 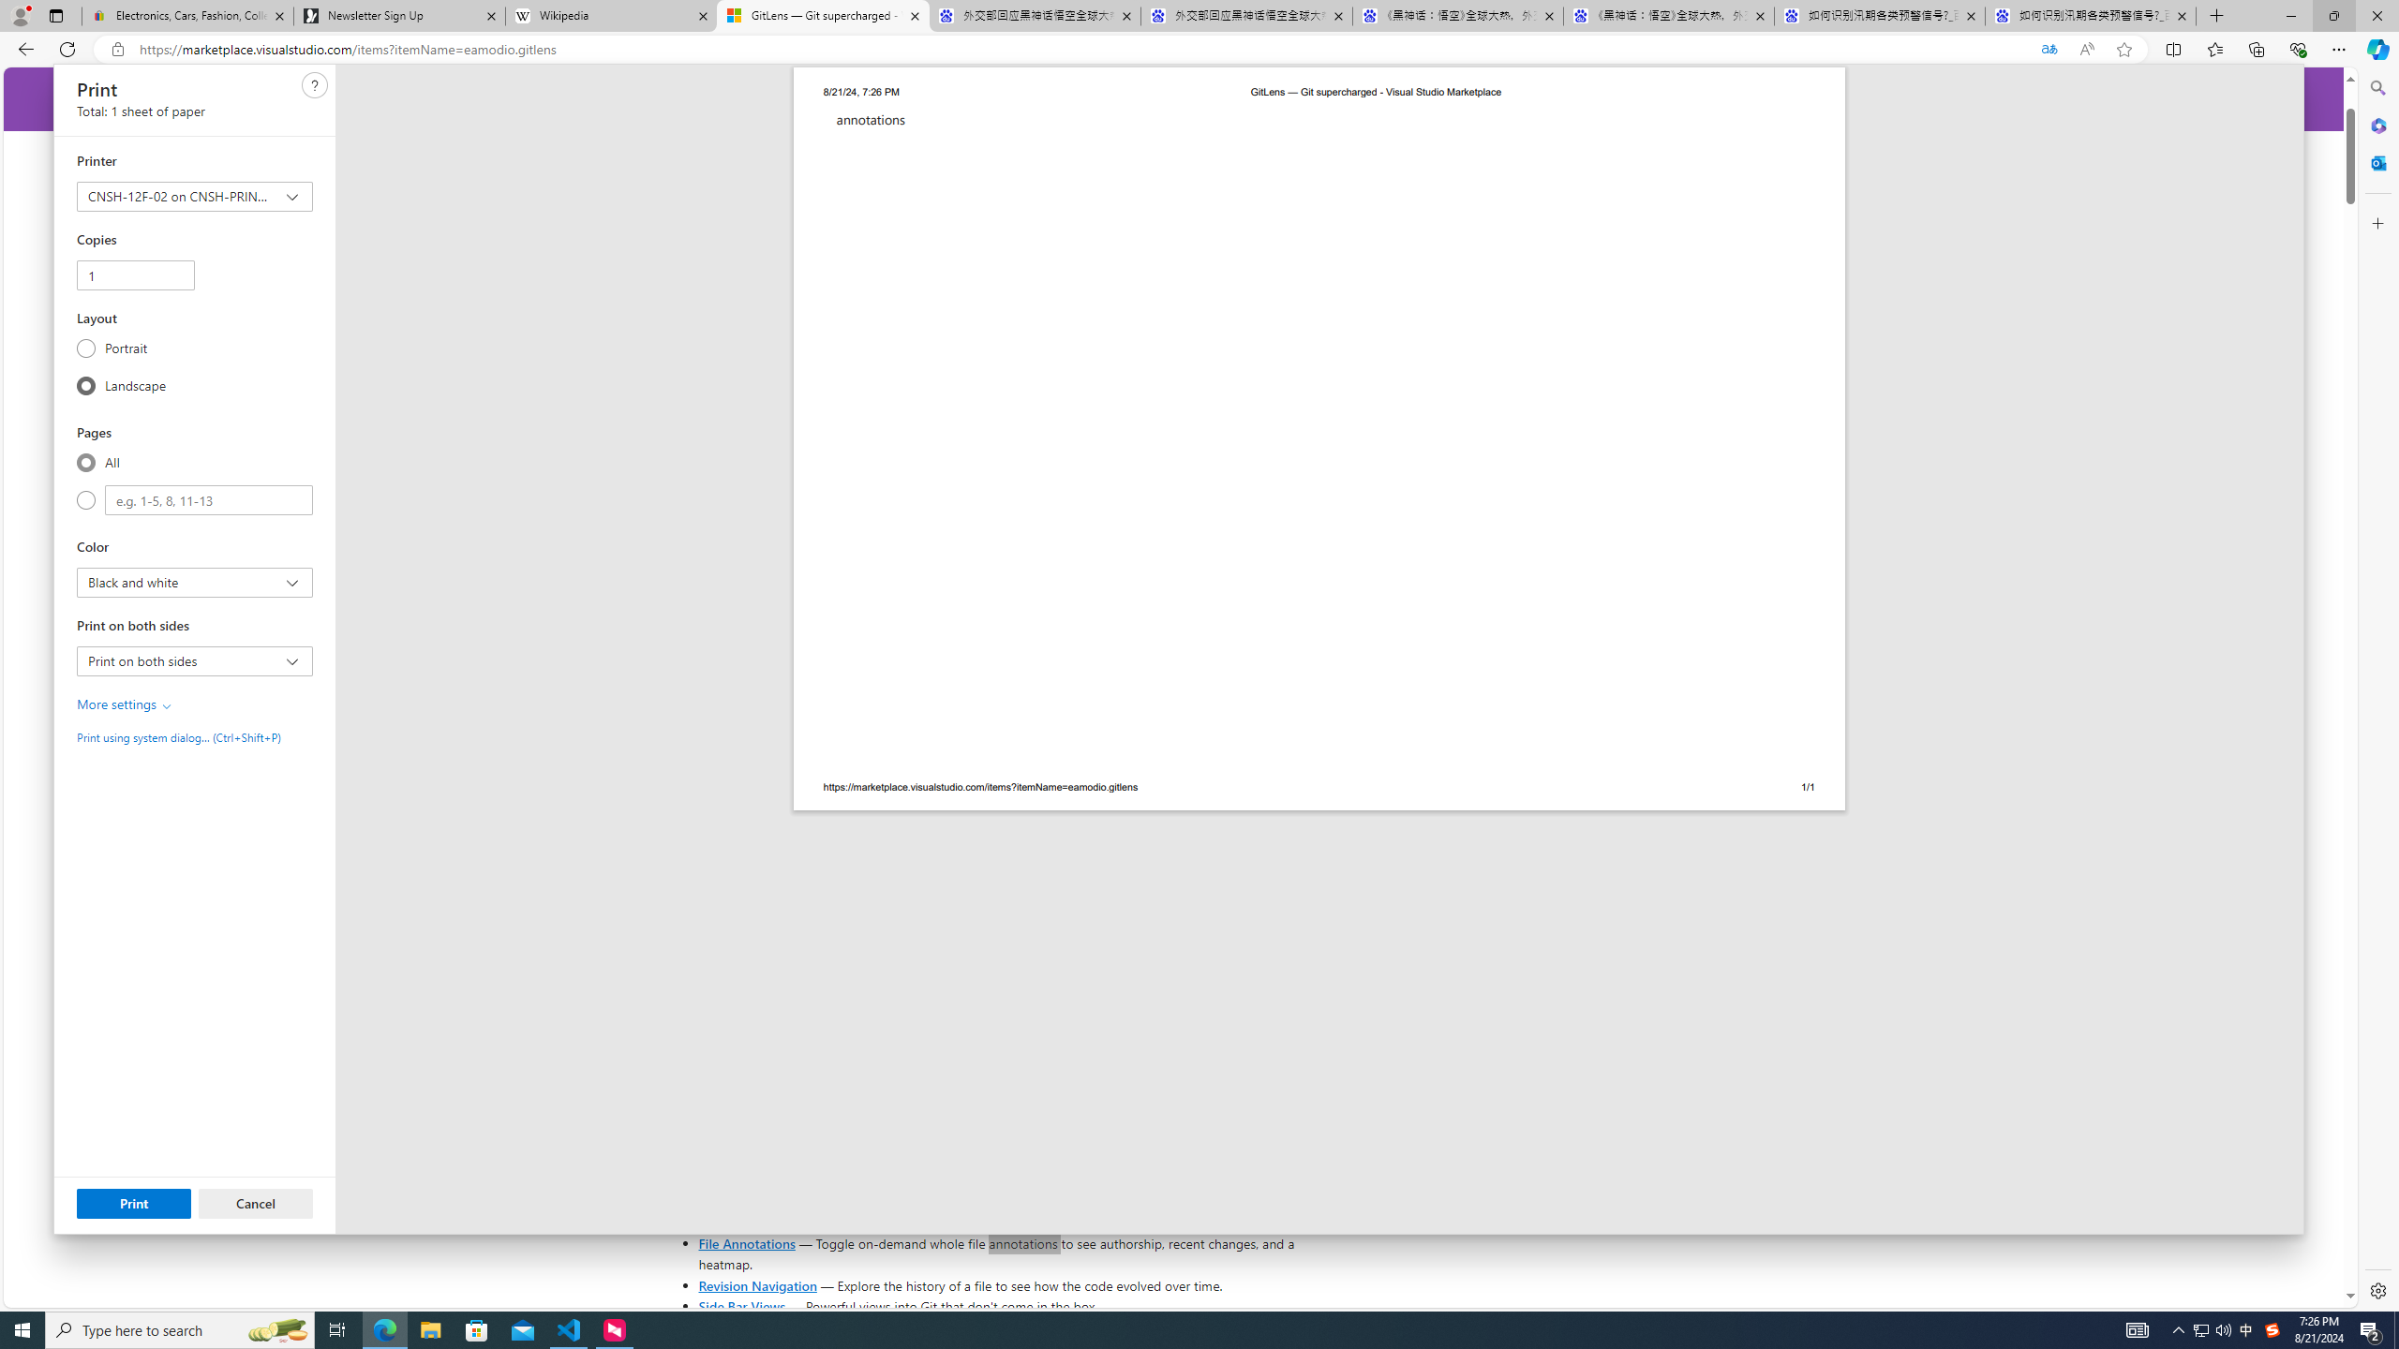 I want to click on 'Printer CNSH-12F-02 on CNSH-PRINT-01', so click(x=194, y=197).